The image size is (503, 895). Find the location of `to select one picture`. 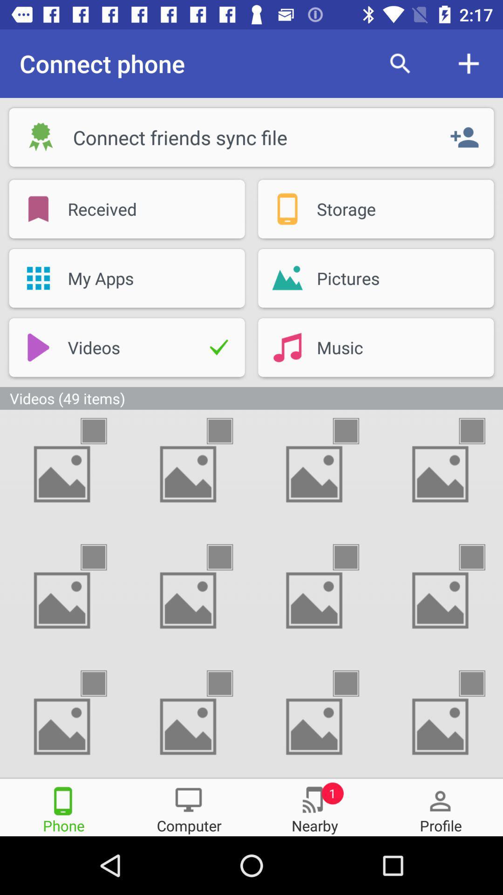

to select one picture is located at coordinates (228, 430).